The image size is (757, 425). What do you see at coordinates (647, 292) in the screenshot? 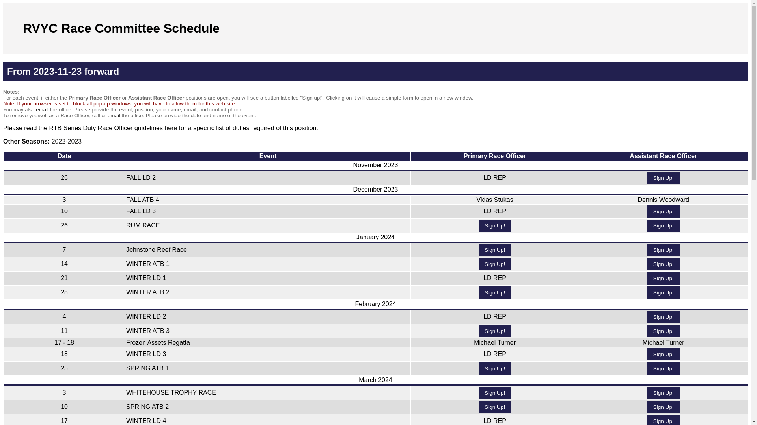
I see `'Sign Up!'` at bounding box center [647, 292].